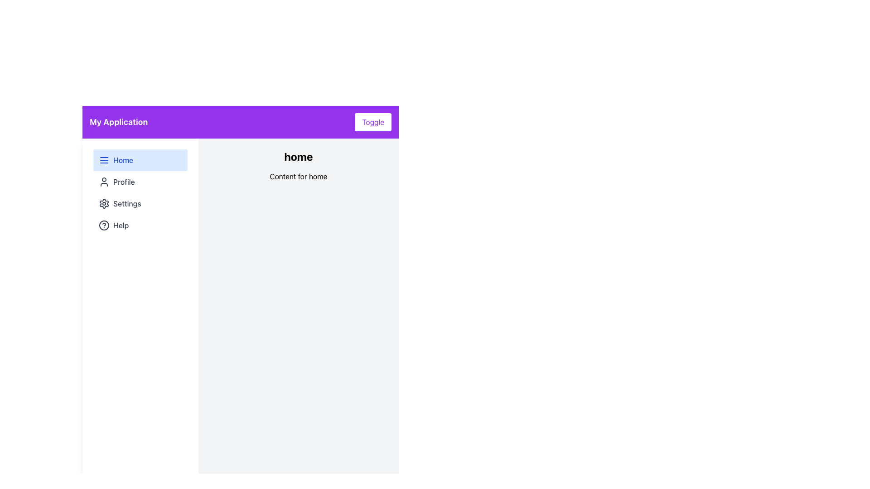 Image resolution: width=870 pixels, height=489 pixels. What do you see at coordinates (104, 204) in the screenshot?
I see `the settings icon, which is a gear-like shape located to the left of the text 'Settings'` at bounding box center [104, 204].